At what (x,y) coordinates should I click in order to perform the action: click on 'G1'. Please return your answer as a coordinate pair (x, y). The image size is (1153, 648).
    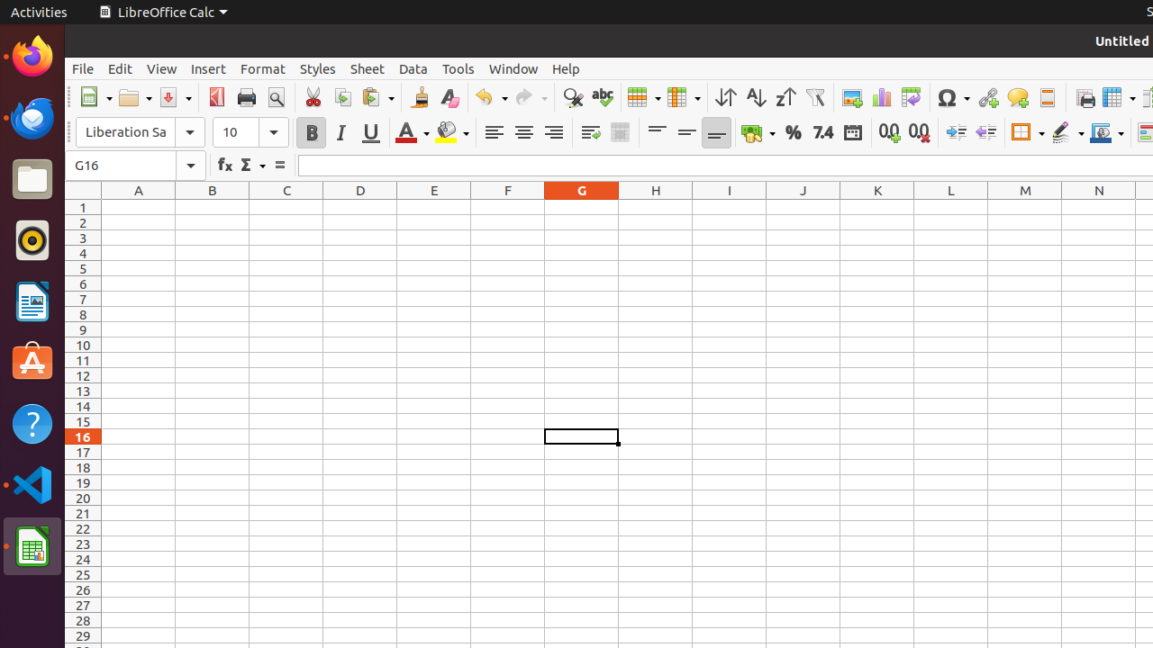
    Looking at the image, I should click on (582, 206).